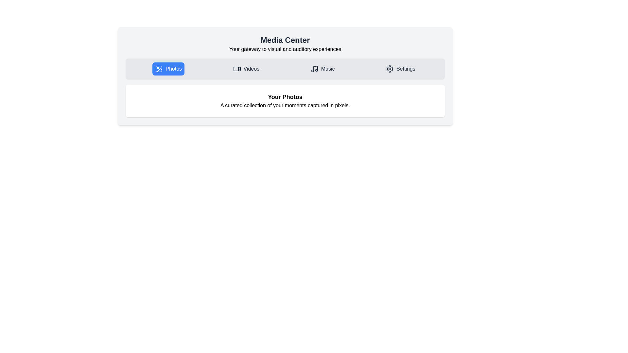  What do you see at coordinates (323, 69) in the screenshot?
I see `the navigation button for accessing the music section, located between the 'Videos' button and the 'Settings' button in the horizontal menu` at bounding box center [323, 69].